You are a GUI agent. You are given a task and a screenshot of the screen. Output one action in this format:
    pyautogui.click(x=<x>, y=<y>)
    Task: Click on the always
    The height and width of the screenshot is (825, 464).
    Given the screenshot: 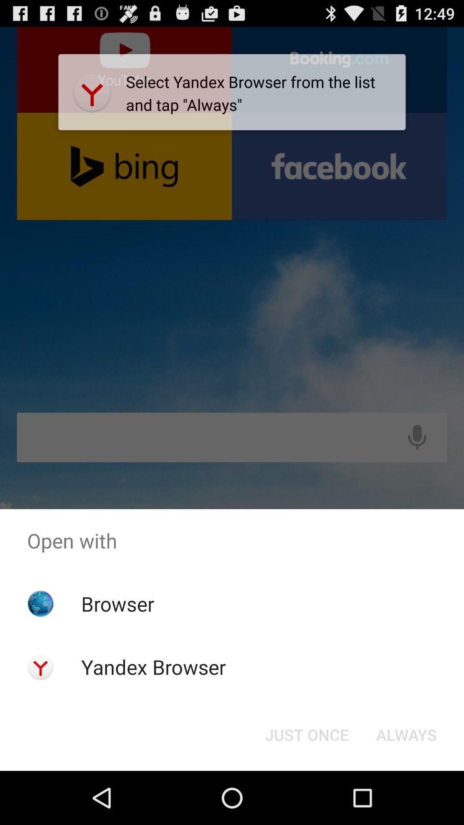 What is the action you would take?
    pyautogui.click(x=406, y=734)
    